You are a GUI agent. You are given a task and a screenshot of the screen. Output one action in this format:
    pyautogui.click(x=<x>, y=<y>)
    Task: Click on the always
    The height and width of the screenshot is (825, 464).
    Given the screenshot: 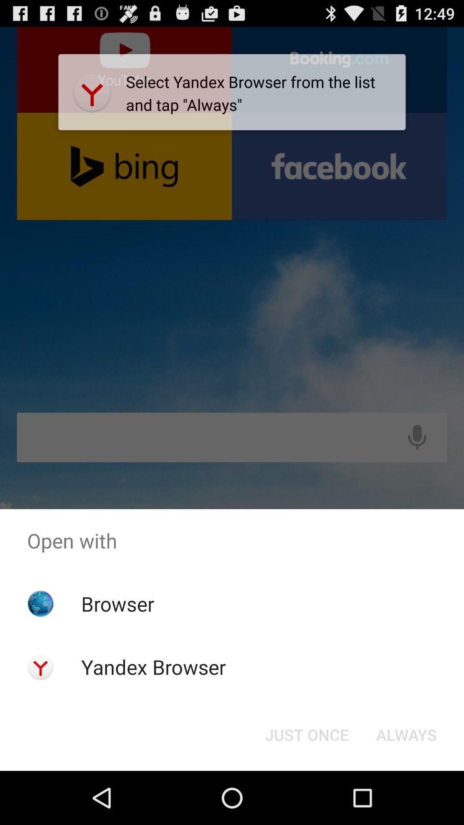 What is the action you would take?
    pyautogui.click(x=406, y=734)
    